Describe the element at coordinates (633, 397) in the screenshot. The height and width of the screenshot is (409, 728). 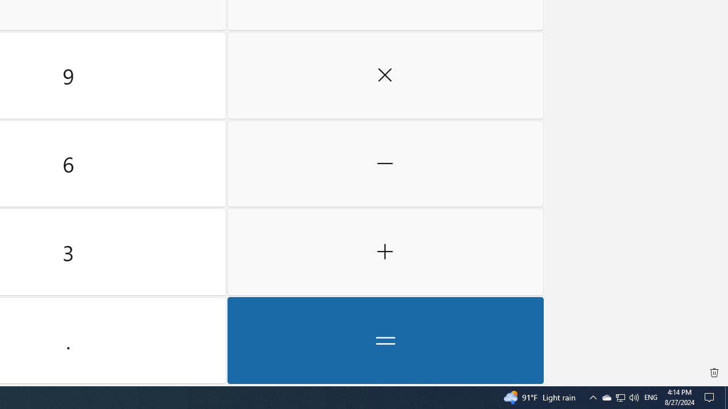
I see `'Q2790: 100%'` at that location.